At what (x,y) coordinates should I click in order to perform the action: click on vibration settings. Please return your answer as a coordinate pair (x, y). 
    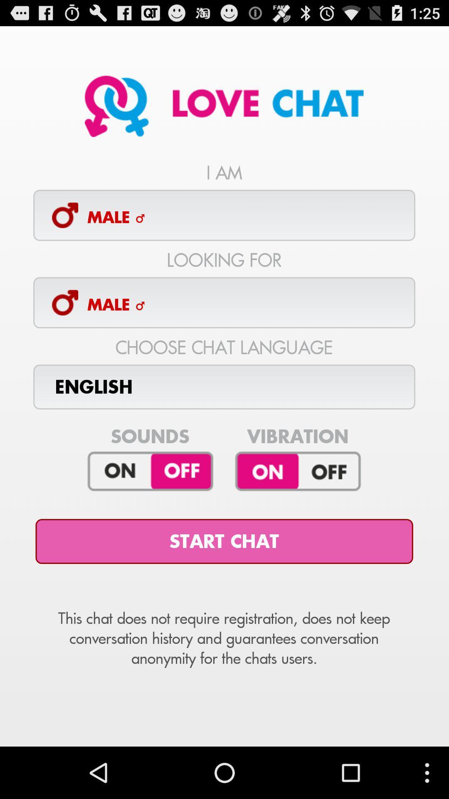
    Looking at the image, I should click on (298, 471).